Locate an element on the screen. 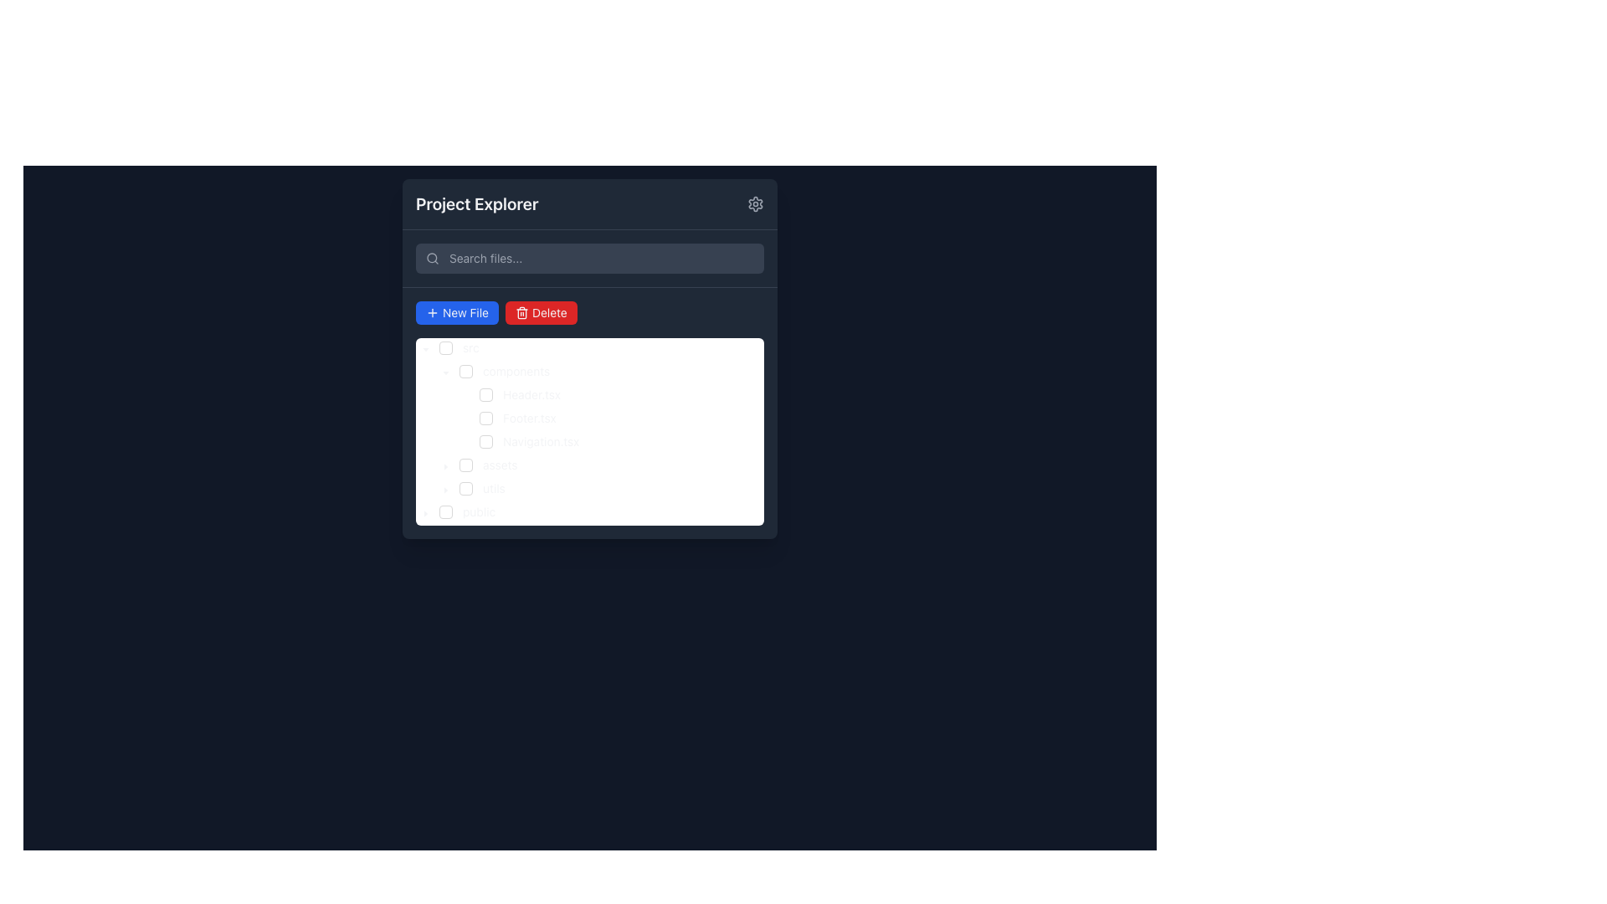  the settings icon located at the top-right corner of the window next to the title of the 'Project Explorer' panel is located at coordinates (754, 203).